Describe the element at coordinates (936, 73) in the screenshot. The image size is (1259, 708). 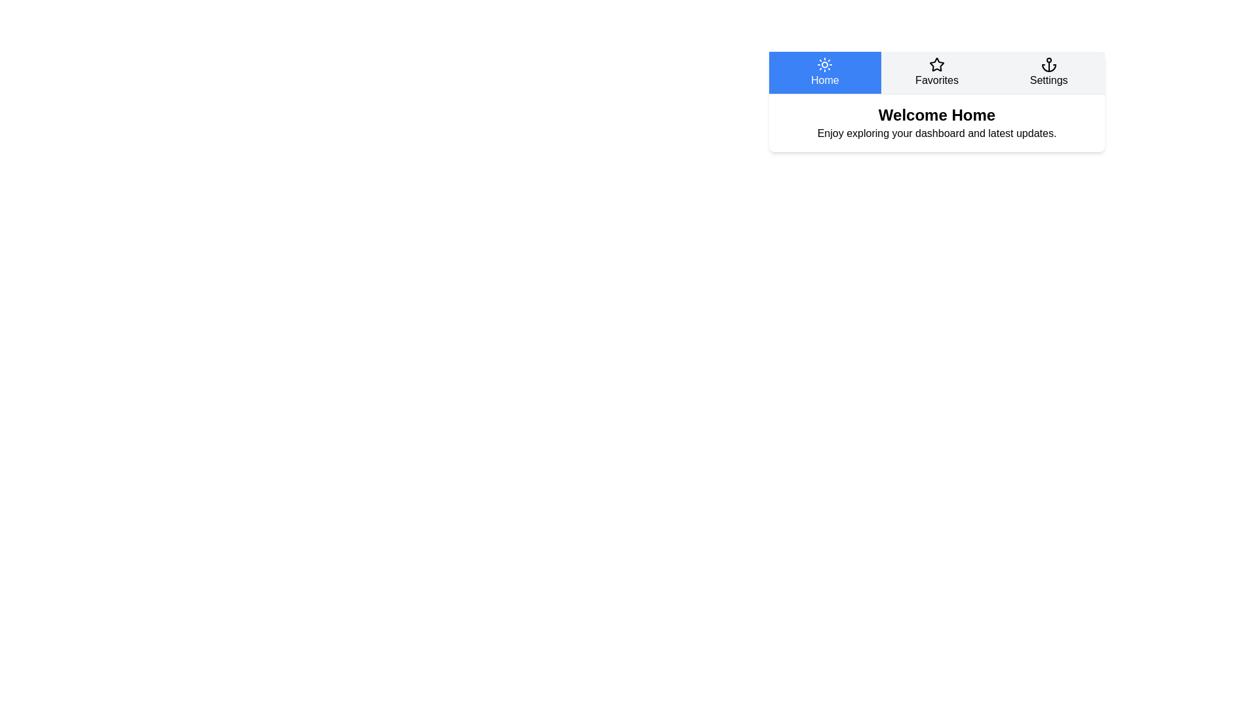
I see `the tab labeled Favorites` at that location.